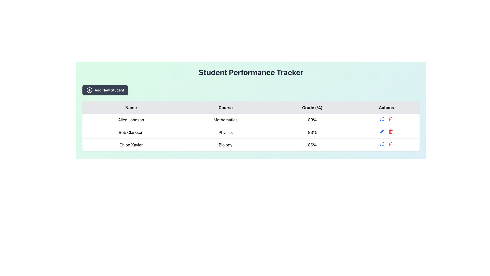  Describe the element at coordinates (382, 119) in the screenshot. I see `the edit icon located in the 'Actions' column of the table for the first row (student Alice Johnson)` at that location.